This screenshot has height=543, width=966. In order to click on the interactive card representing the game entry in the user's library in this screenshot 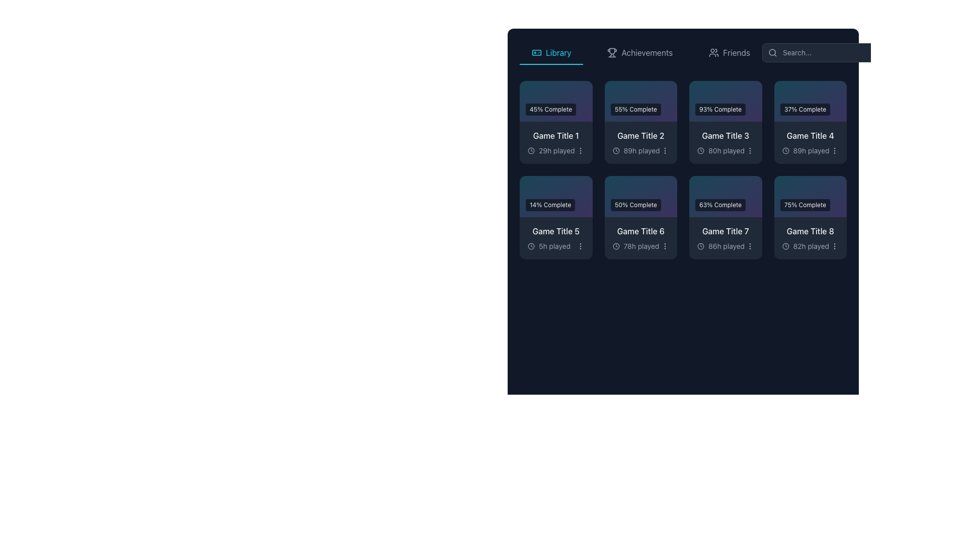, I will do `click(640, 122)`.